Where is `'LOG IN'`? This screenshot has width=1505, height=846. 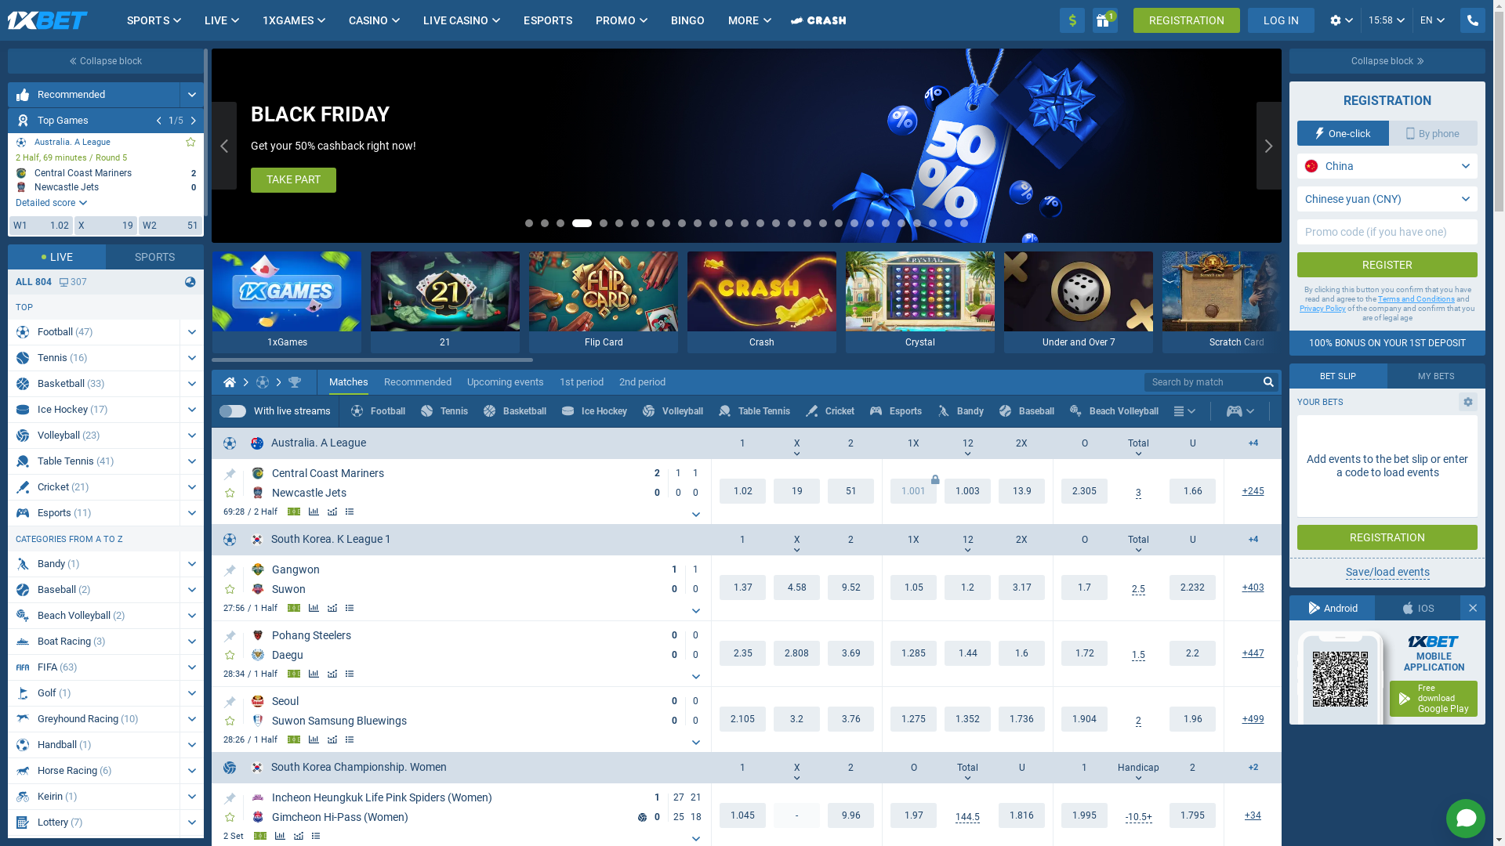 'LOG IN' is located at coordinates (1281, 20).